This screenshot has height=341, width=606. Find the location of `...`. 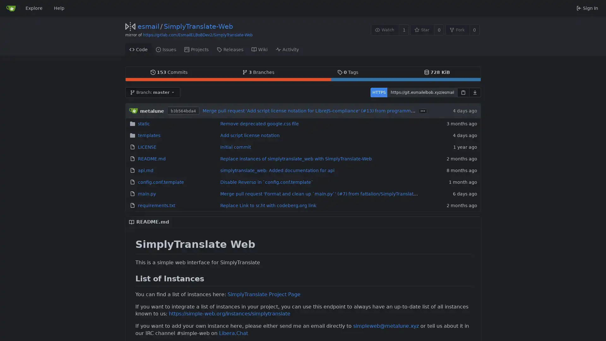

... is located at coordinates (423, 111).